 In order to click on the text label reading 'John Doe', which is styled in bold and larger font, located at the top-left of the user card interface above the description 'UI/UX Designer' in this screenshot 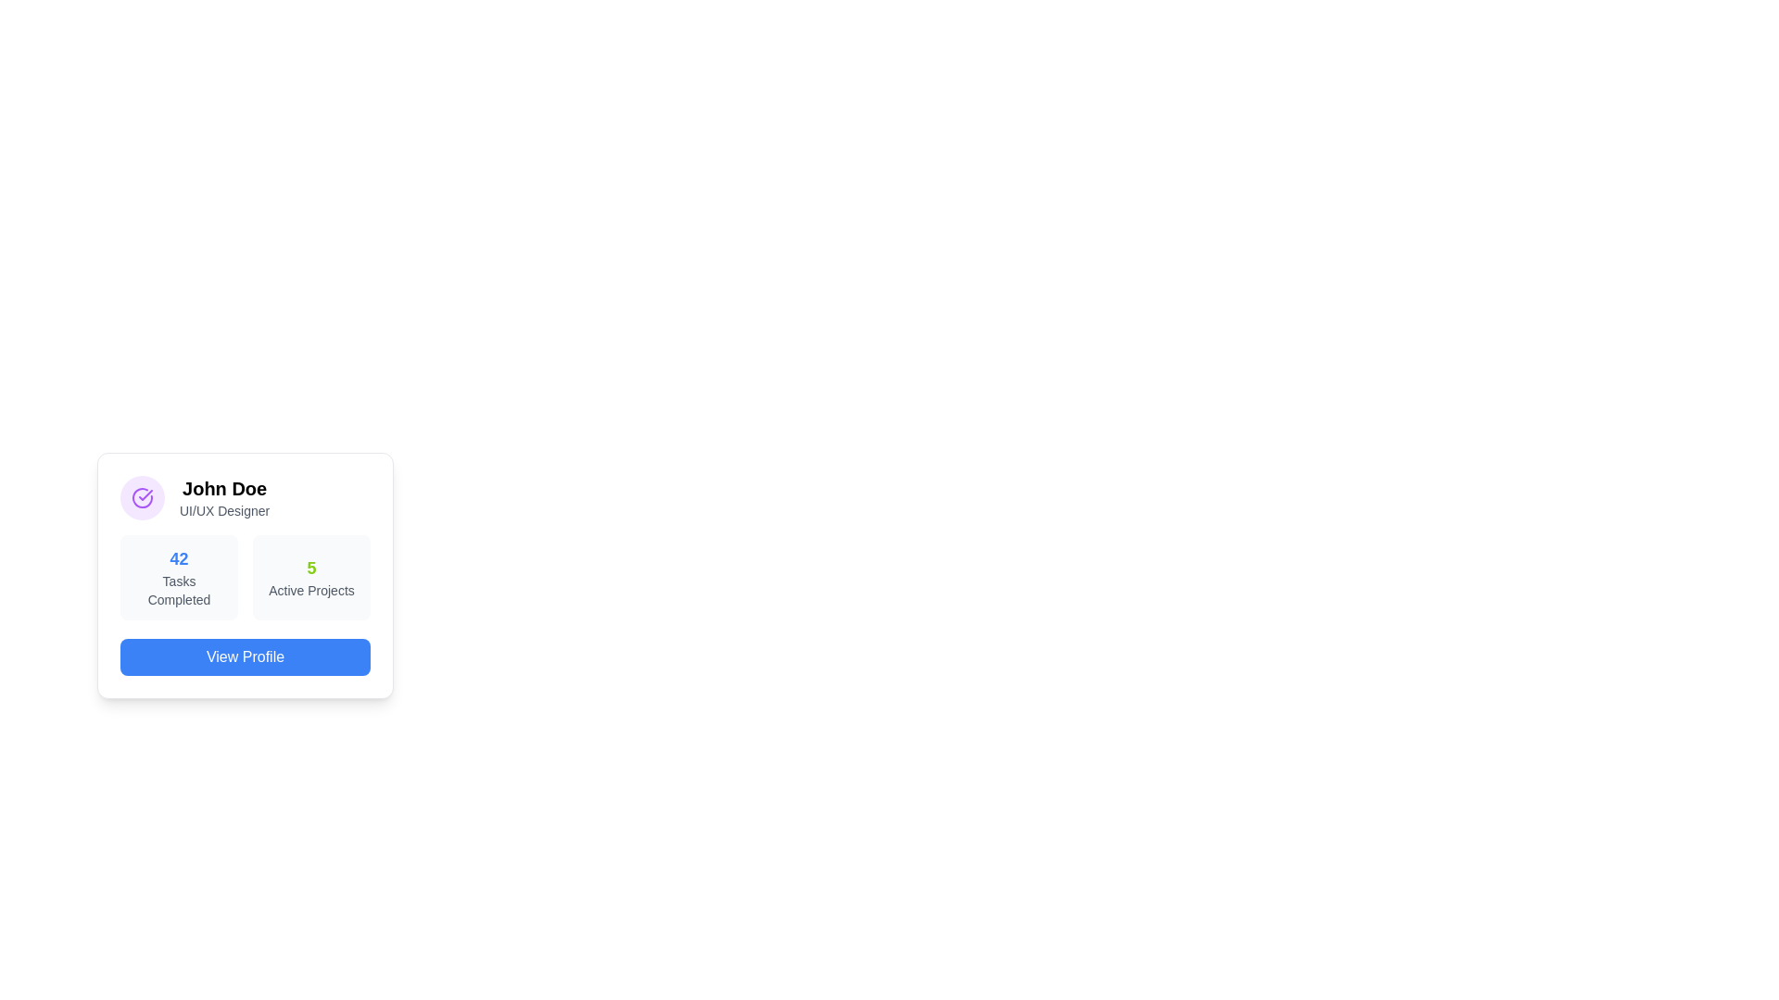, I will do `click(223, 488)`.